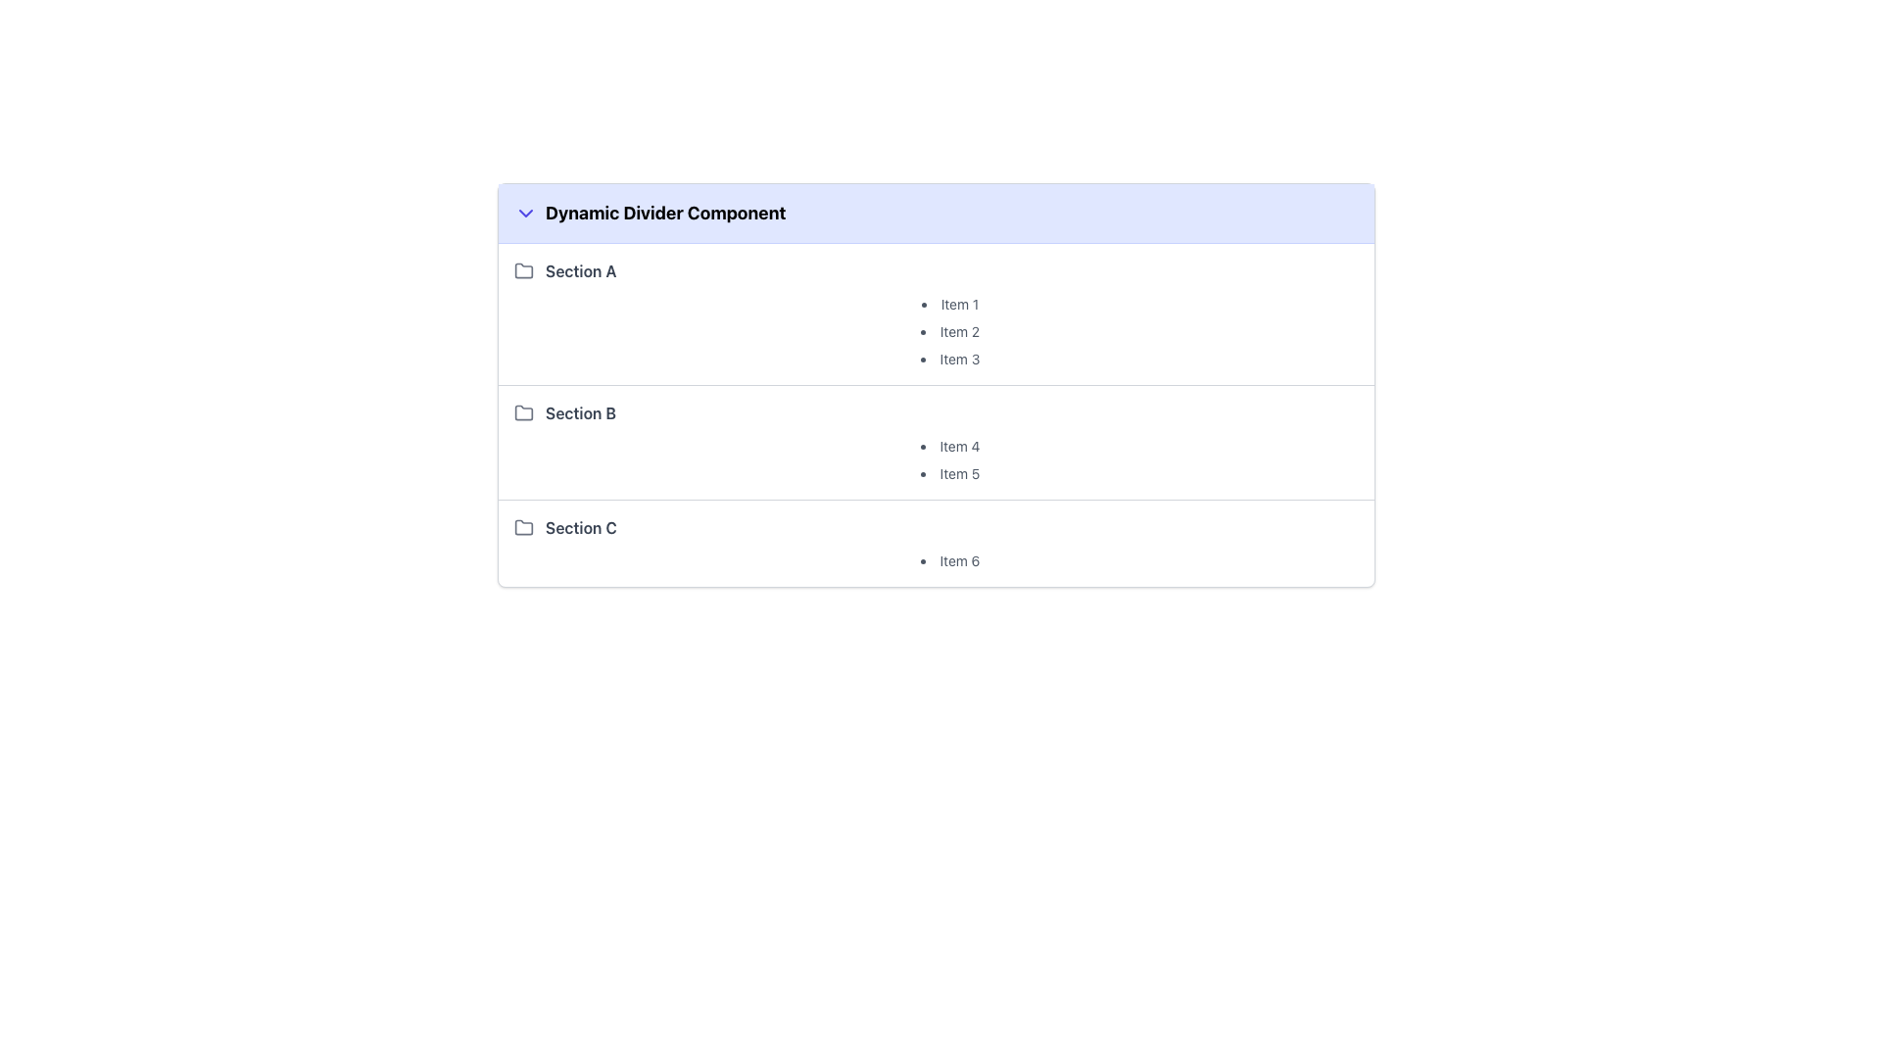  Describe the element at coordinates (526, 214) in the screenshot. I see `the chevron-down icon used for dropdown indications located on the left side of the 'Dynamic Divider Component' title in the header section` at that location.